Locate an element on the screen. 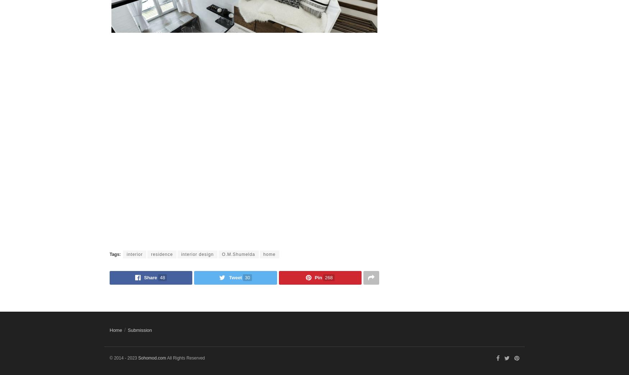 This screenshot has width=629, height=375. 'Pin' is located at coordinates (318, 277).